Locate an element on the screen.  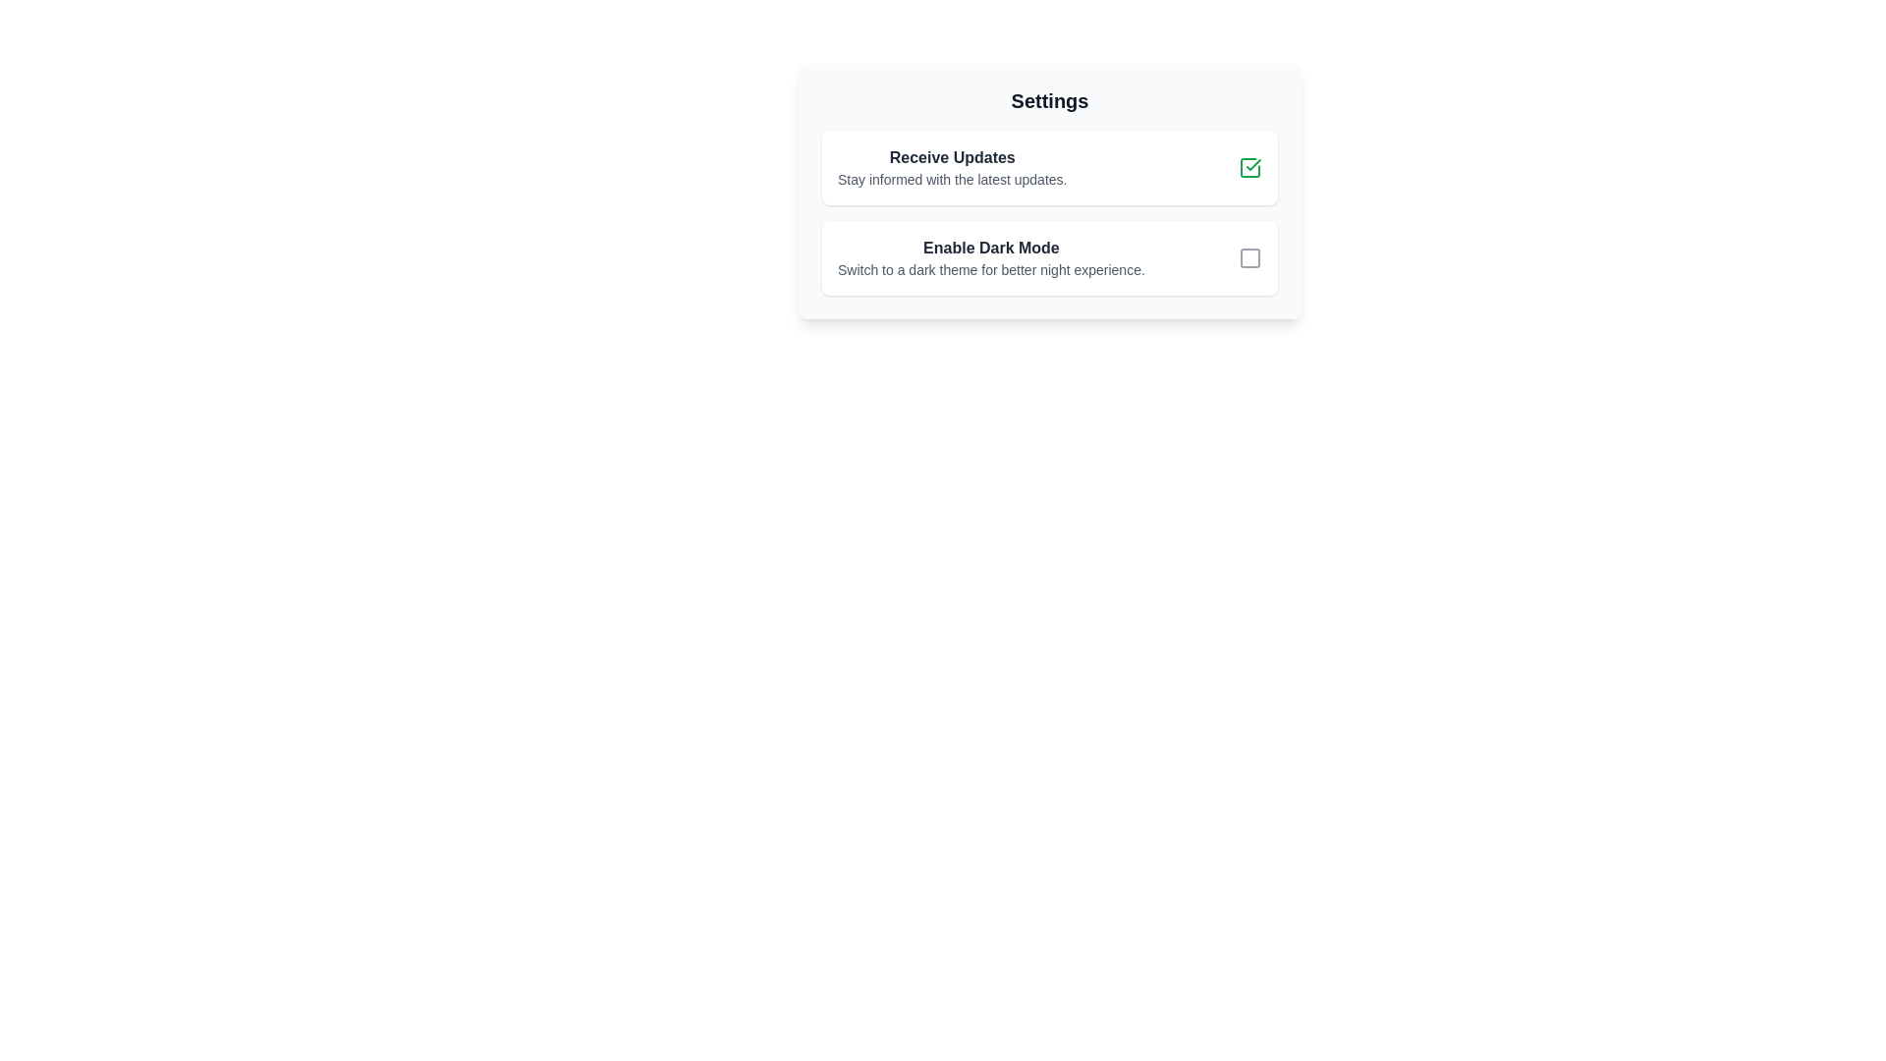
the static text that says 'Switch to a dark theme for better night experience.', which is located below the bold text 'Enable Dark Mode' is located at coordinates (991, 269).